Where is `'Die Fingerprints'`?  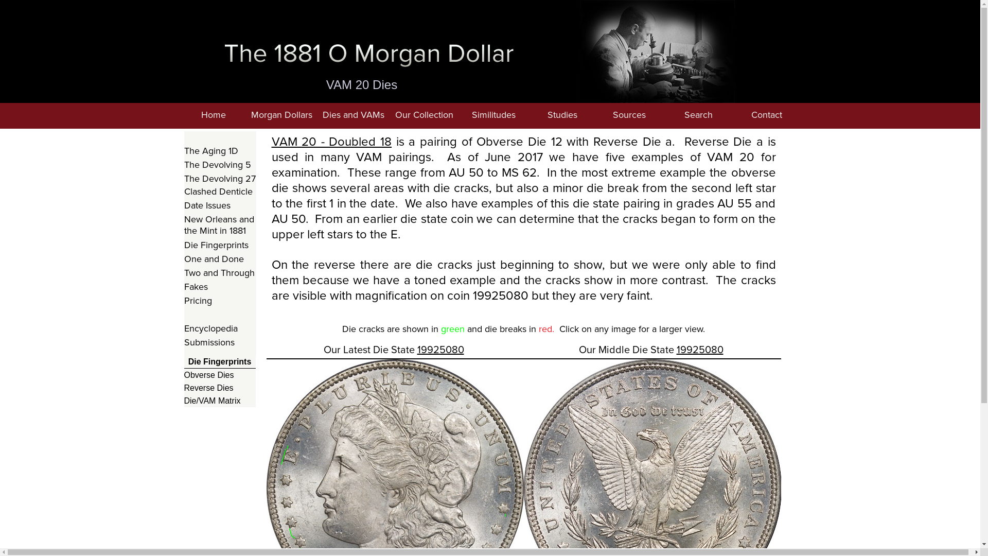 'Die Fingerprints' is located at coordinates (219, 245).